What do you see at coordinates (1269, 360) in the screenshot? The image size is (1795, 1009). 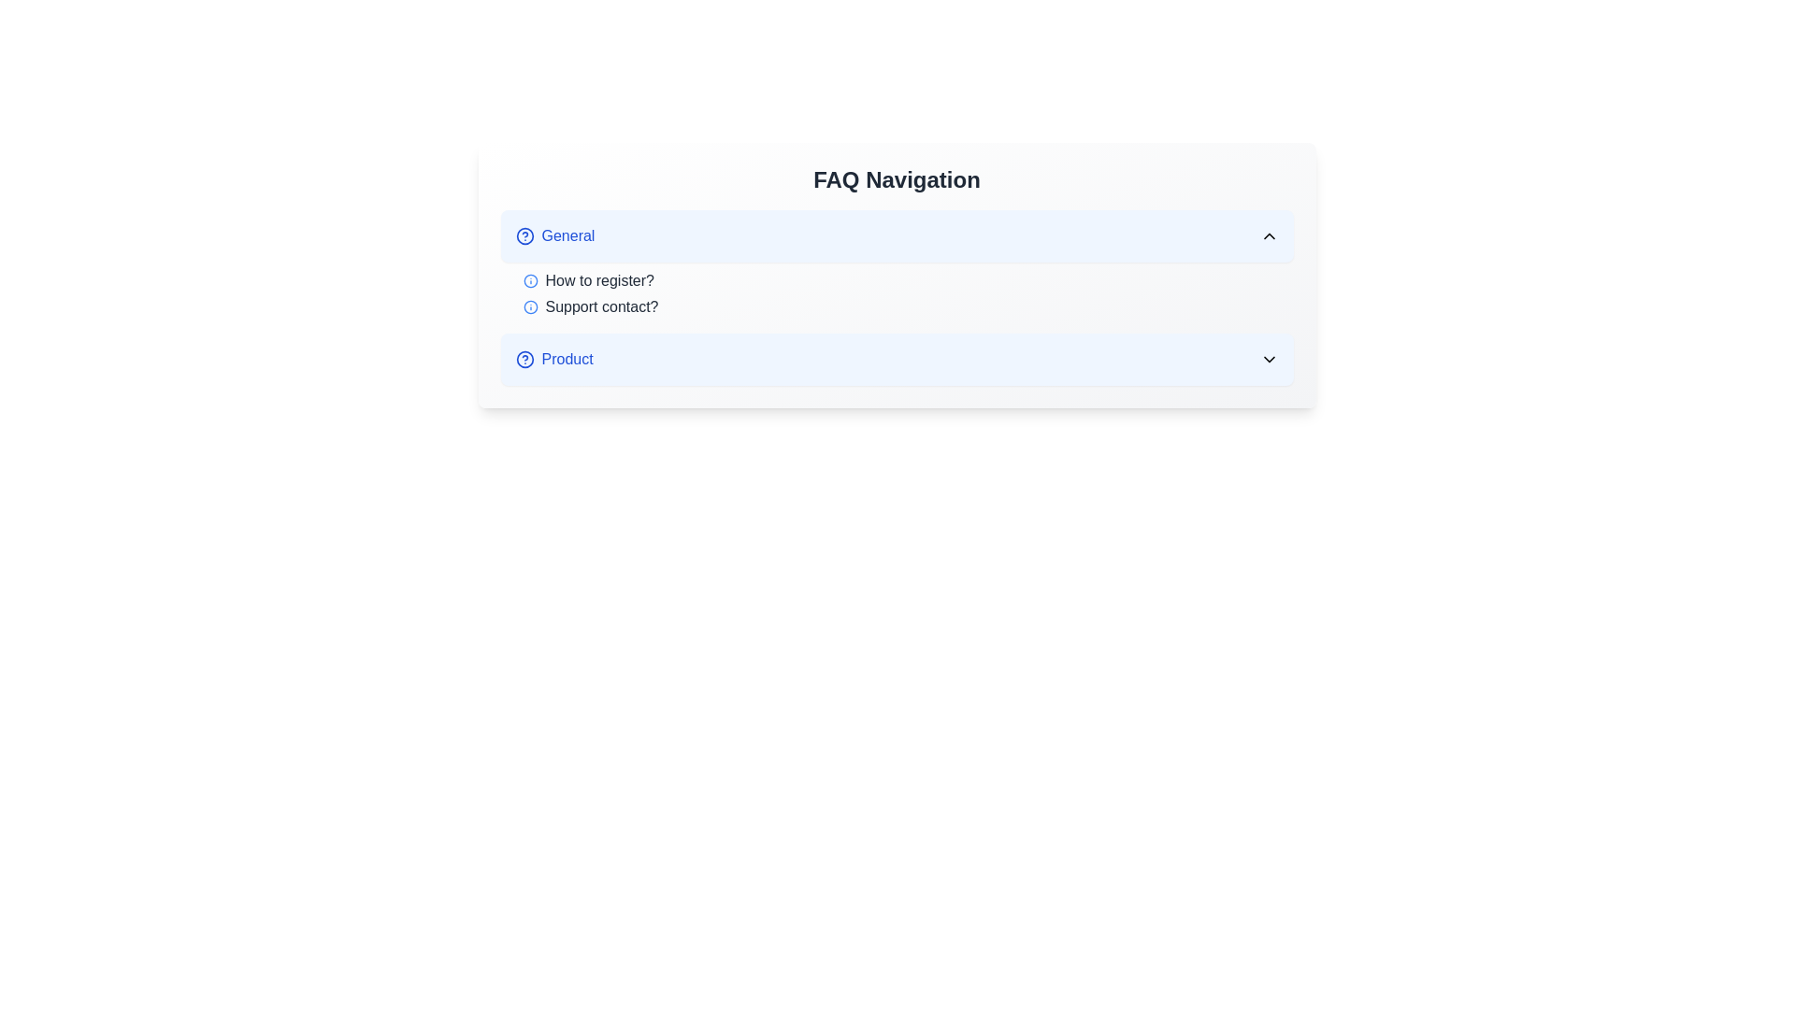 I see `the Chevron Down icon located at the far right of the 'Product' section` at bounding box center [1269, 360].